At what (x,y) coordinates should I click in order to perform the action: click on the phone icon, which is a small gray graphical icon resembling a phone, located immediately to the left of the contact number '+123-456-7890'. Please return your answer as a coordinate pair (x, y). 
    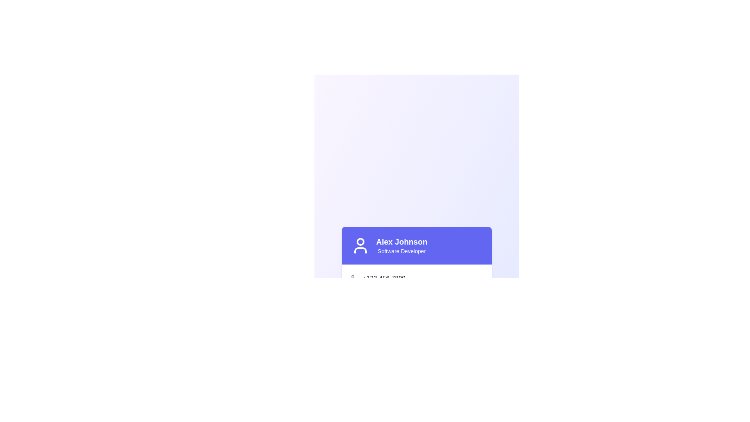
    Looking at the image, I should click on (354, 278).